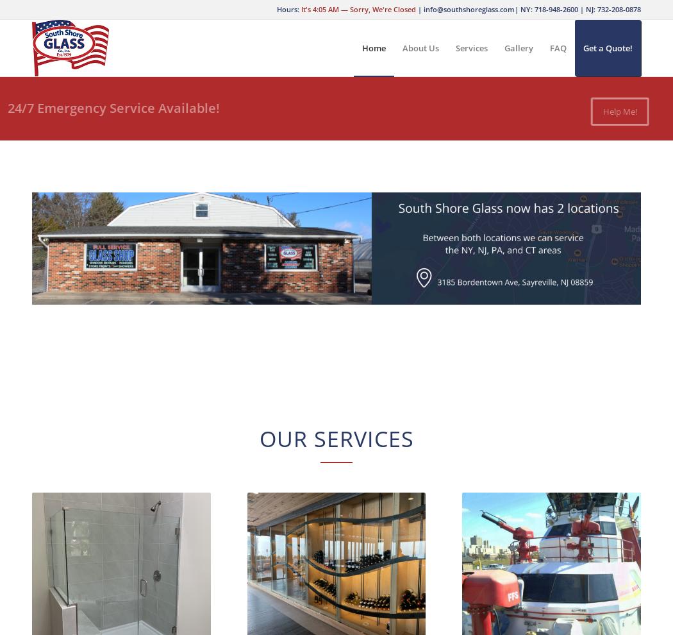  I want to click on '4:05 AM', so click(310, 8).